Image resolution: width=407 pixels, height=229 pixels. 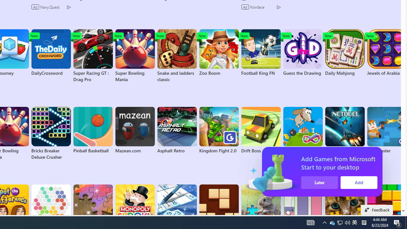 What do you see at coordinates (261, 52) in the screenshot?
I see `'Football King FN'` at bounding box center [261, 52].